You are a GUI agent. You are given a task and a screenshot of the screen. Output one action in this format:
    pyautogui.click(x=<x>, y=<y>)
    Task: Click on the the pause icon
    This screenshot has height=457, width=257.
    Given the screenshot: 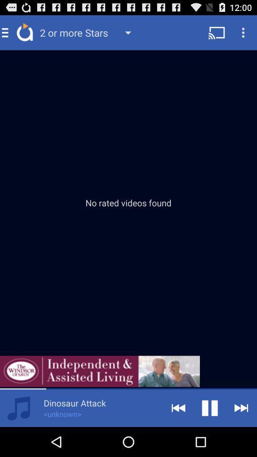 What is the action you would take?
    pyautogui.click(x=210, y=437)
    